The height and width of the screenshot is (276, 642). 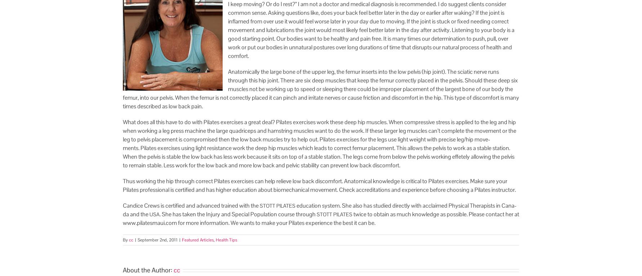 What do you see at coordinates (160, 214) in the screenshot?
I see `'. She has tak­en the Injury and Spe­cial Pop­u­la­tion course through'` at bounding box center [160, 214].